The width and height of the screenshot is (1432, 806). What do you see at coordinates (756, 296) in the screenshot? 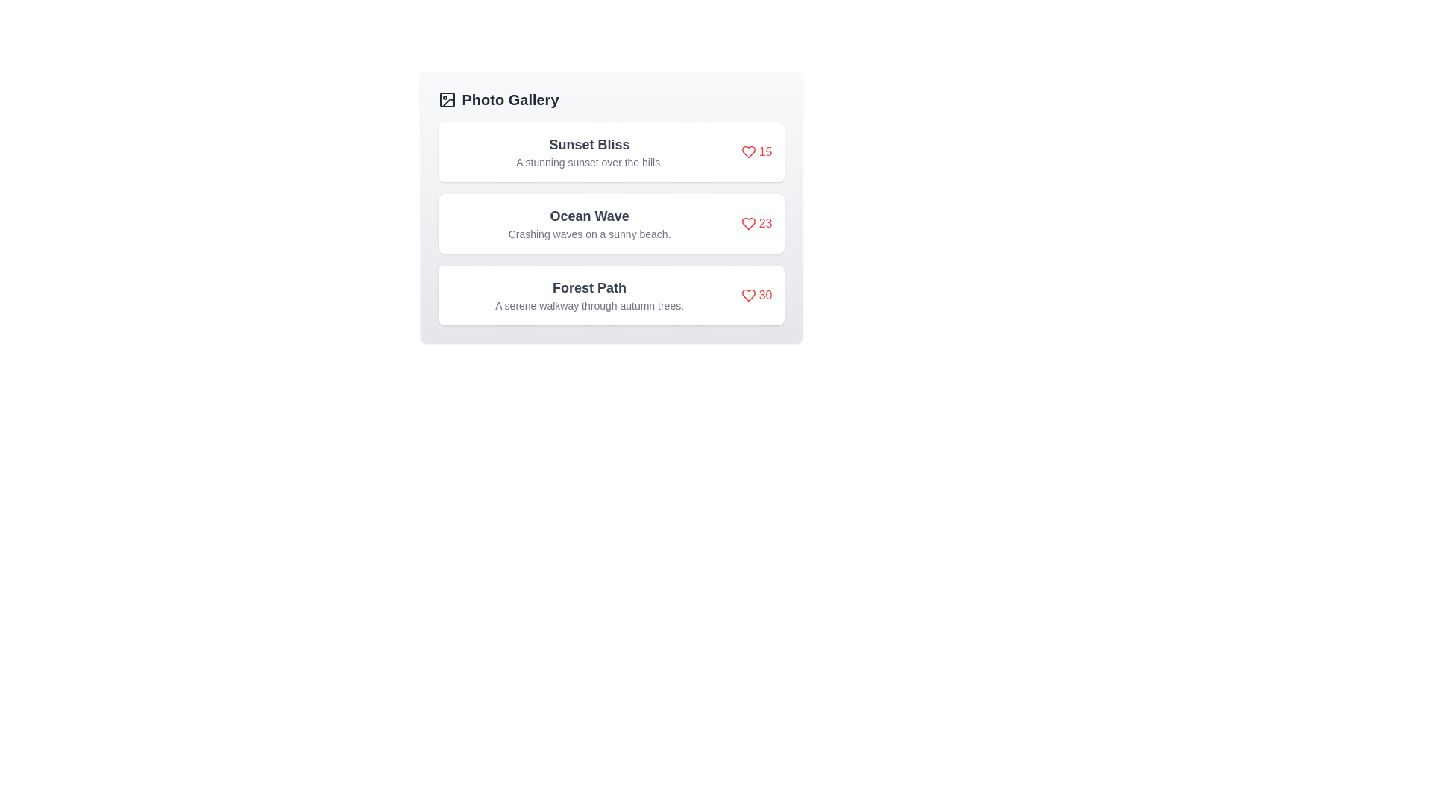
I see `like button for the photo titled Forest Path` at bounding box center [756, 296].